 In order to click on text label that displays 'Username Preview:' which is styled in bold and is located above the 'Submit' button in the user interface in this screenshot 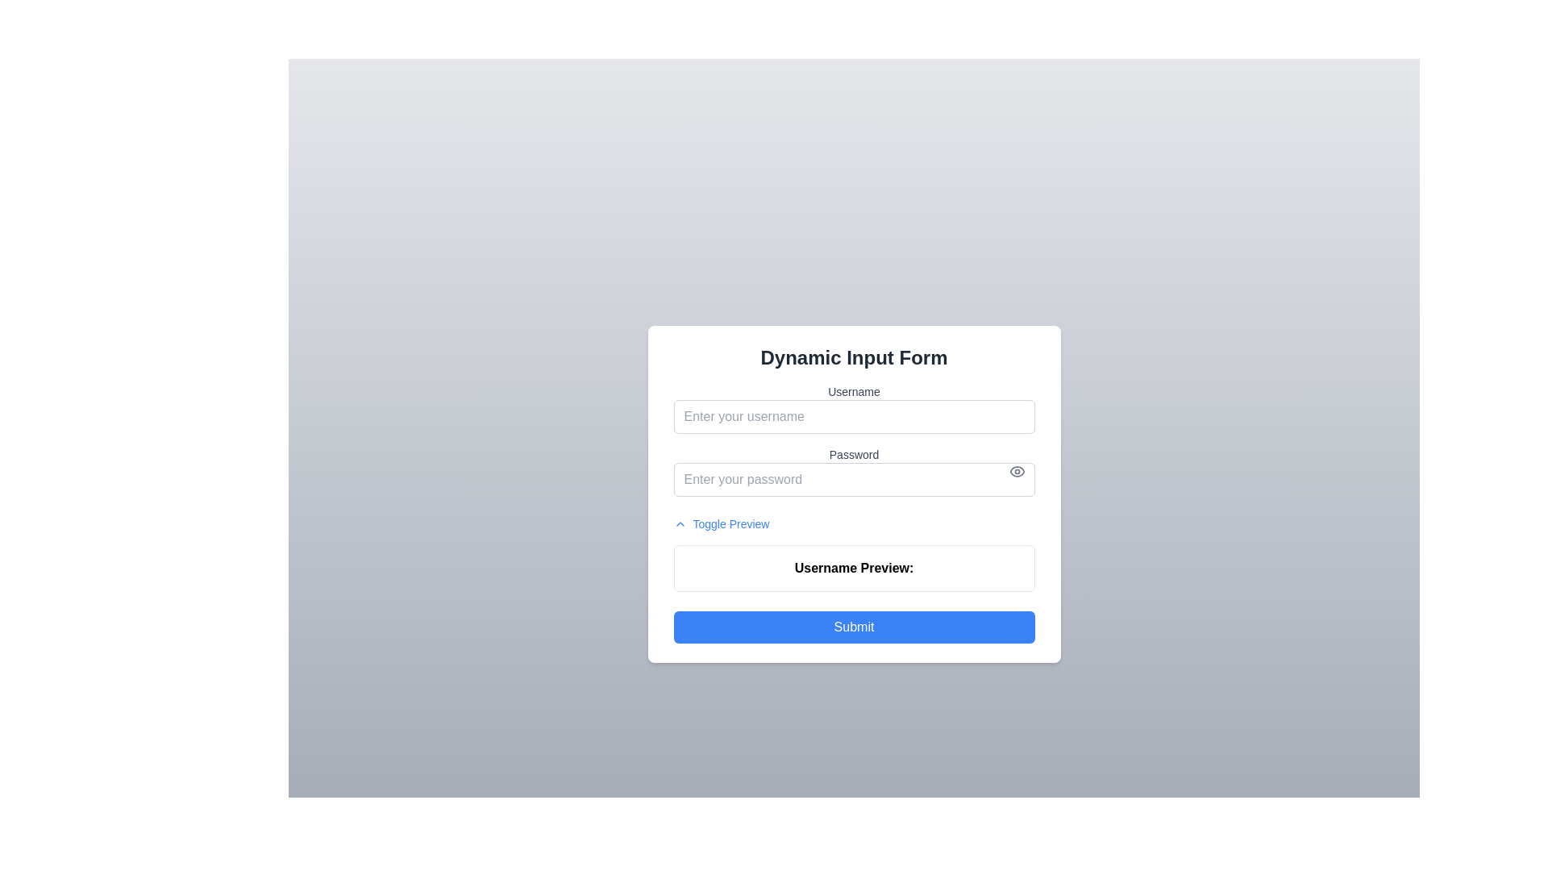, I will do `click(853, 568)`.